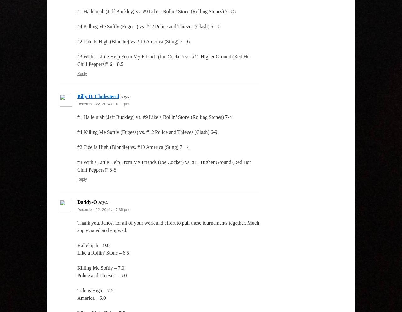 The width and height of the screenshot is (402, 312). What do you see at coordinates (148, 26) in the screenshot?
I see `'#4 Killing Me Softly (Fugees) vs. #12 Police and Thieves (Clash) 6 – 5'` at bounding box center [148, 26].